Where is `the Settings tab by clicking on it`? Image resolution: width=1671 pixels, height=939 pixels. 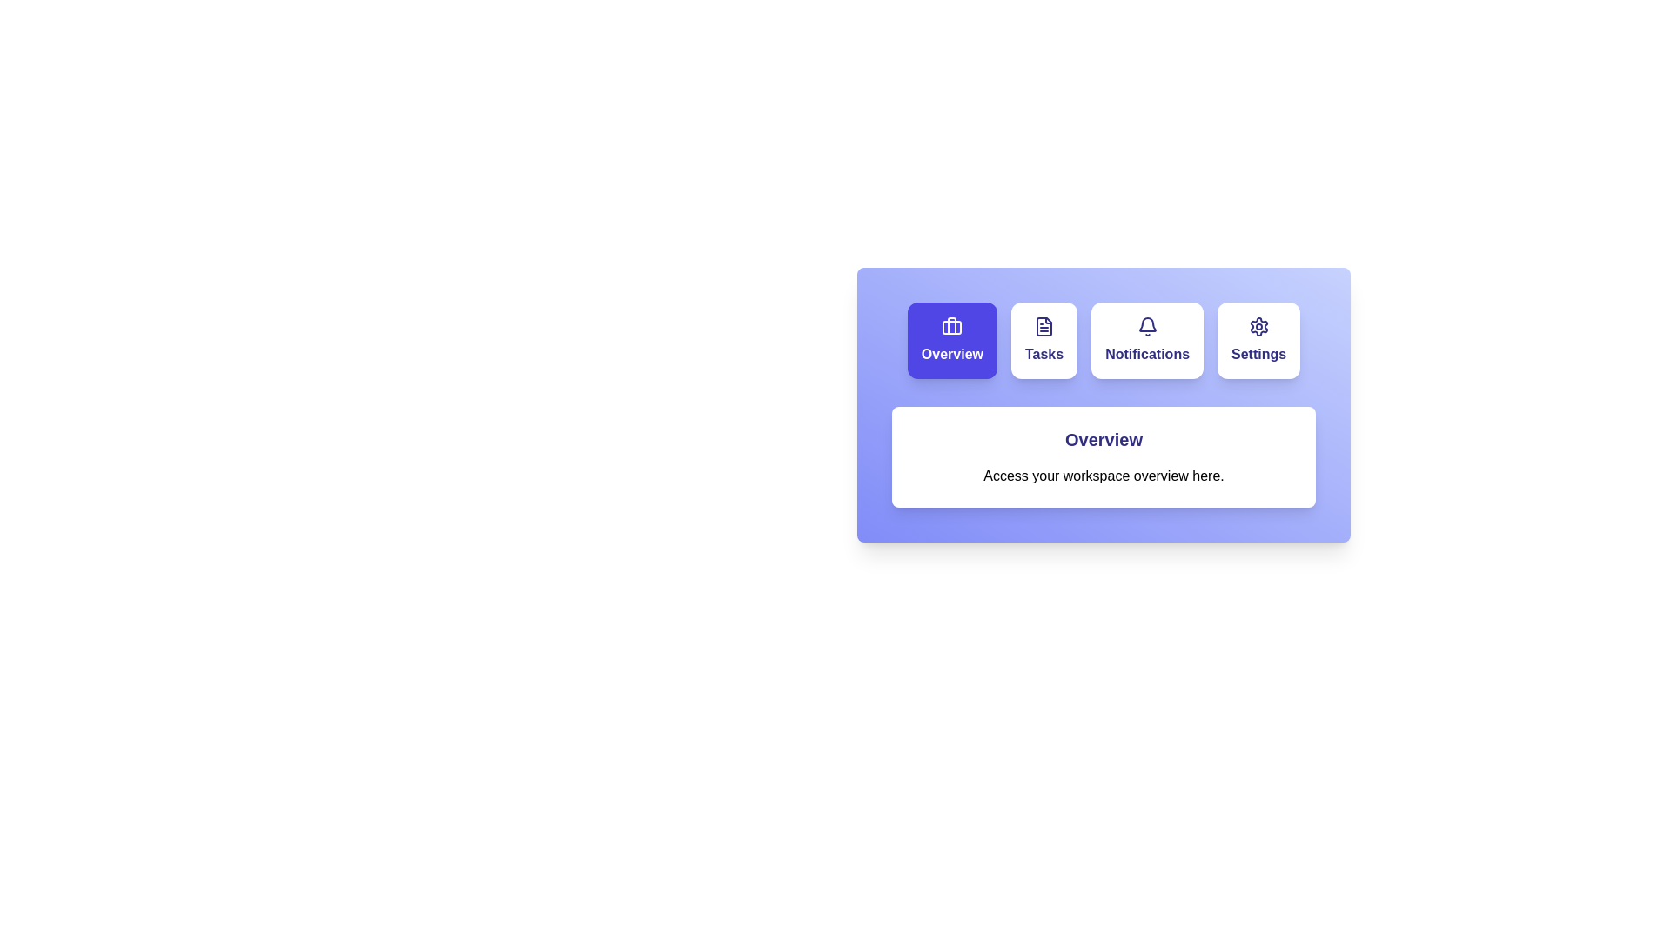
the Settings tab by clicking on it is located at coordinates (1258, 341).